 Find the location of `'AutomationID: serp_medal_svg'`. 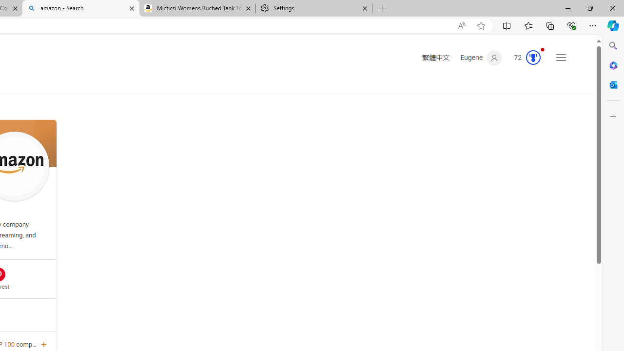

'AutomationID: serp_medal_svg' is located at coordinates (532, 58).